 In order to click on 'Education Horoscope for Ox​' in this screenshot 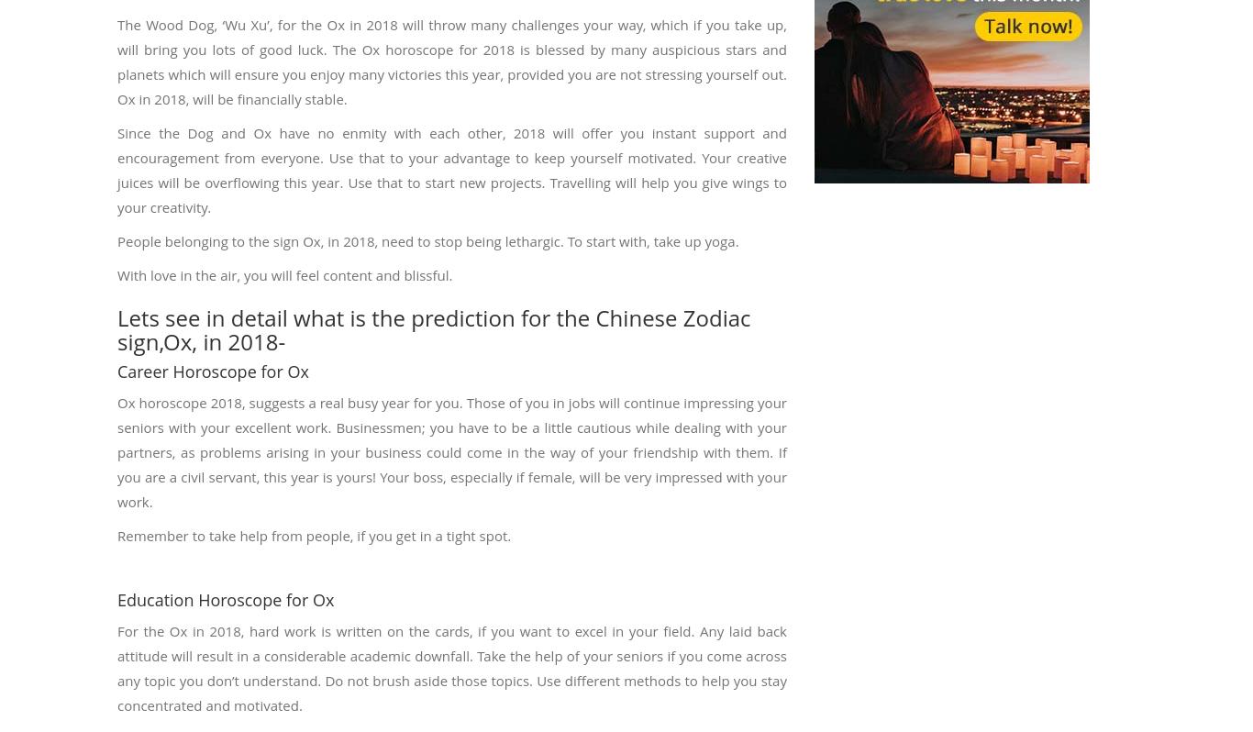, I will do `click(226, 598)`.